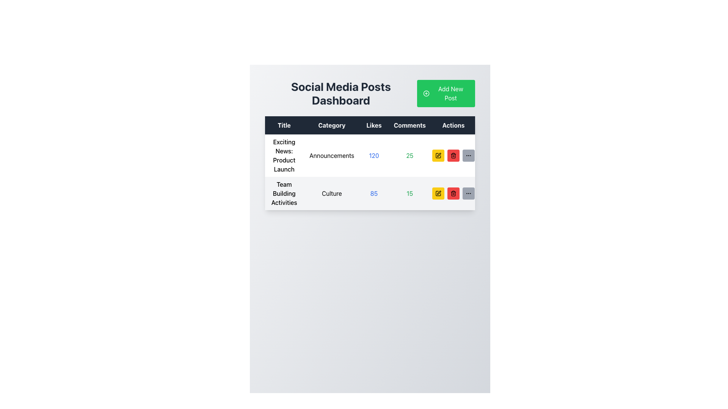 This screenshot has width=728, height=409. I want to click on the third button in the 'Actions' column of the data table, so click(468, 193).